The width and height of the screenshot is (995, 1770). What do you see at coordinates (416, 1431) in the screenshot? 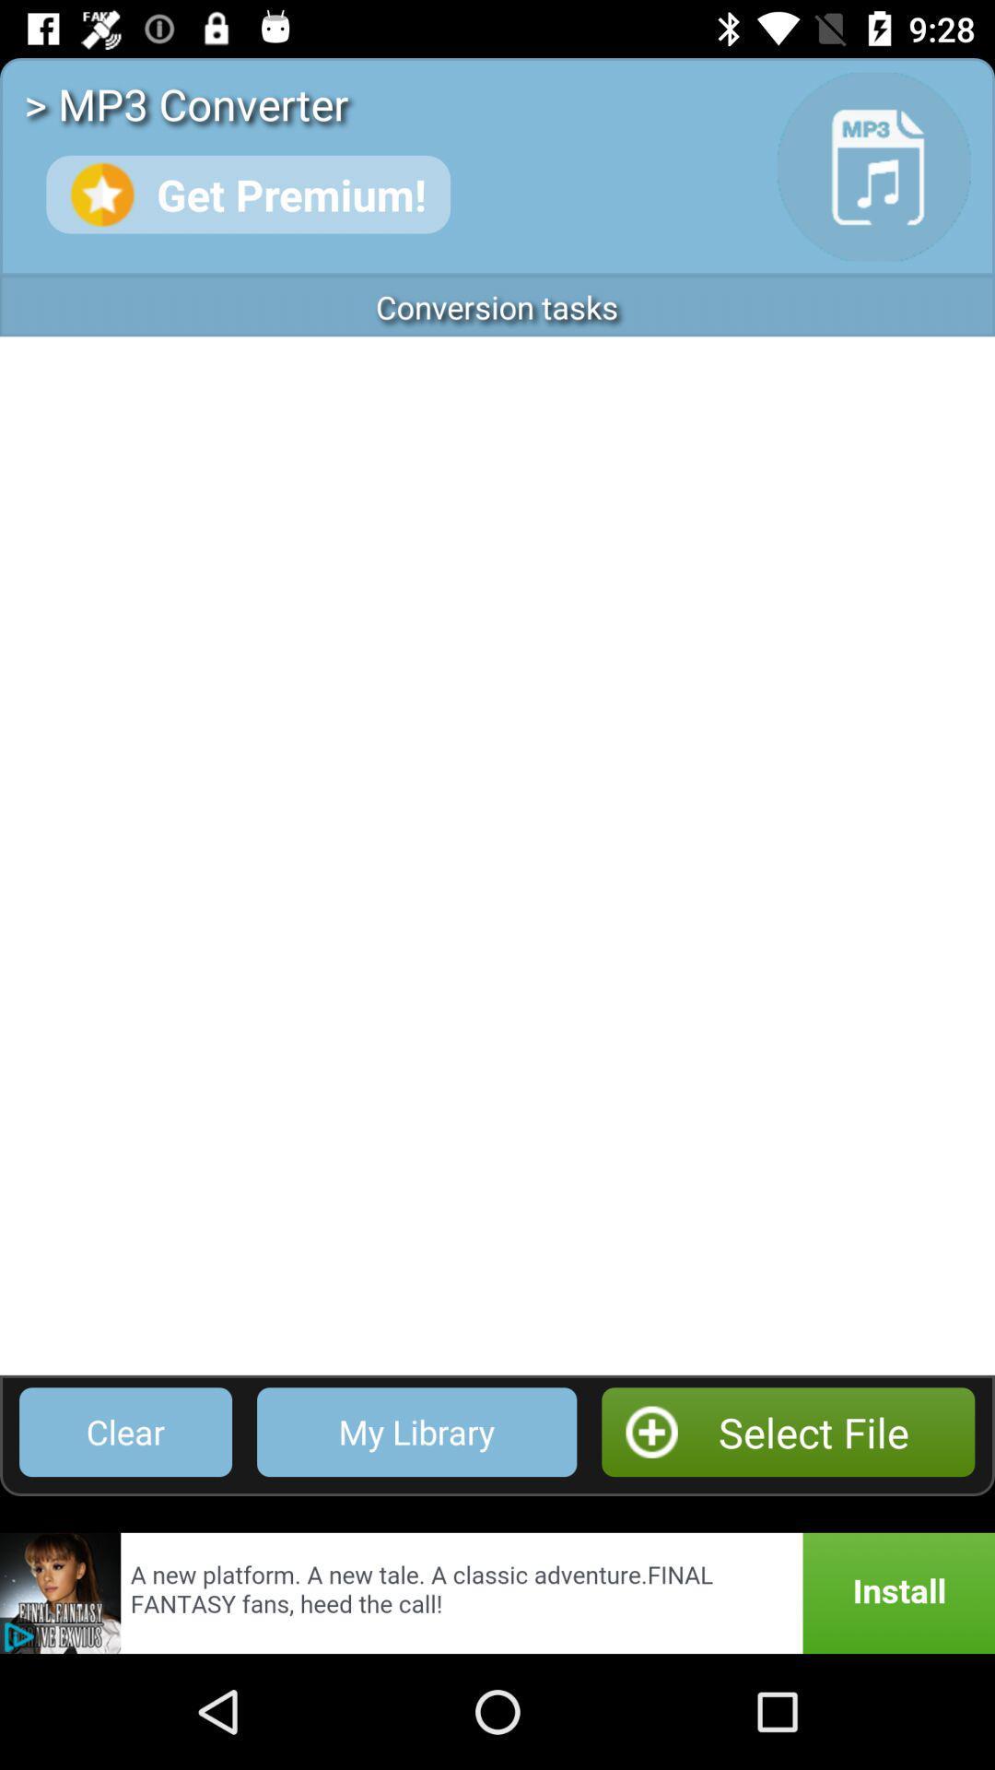
I see `the icon next to select file app` at bounding box center [416, 1431].